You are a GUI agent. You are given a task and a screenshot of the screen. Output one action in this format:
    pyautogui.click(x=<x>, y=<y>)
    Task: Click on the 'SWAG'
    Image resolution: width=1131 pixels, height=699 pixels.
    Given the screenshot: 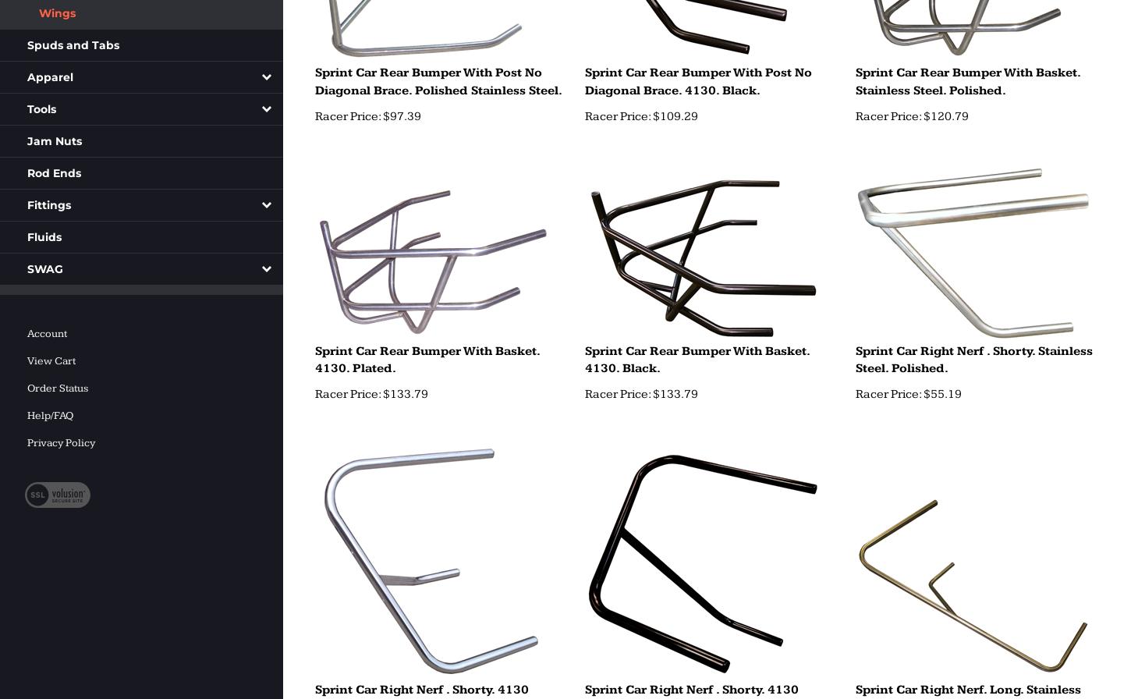 What is the action you would take?
    pyautogui.click(x=45, y=268)
    